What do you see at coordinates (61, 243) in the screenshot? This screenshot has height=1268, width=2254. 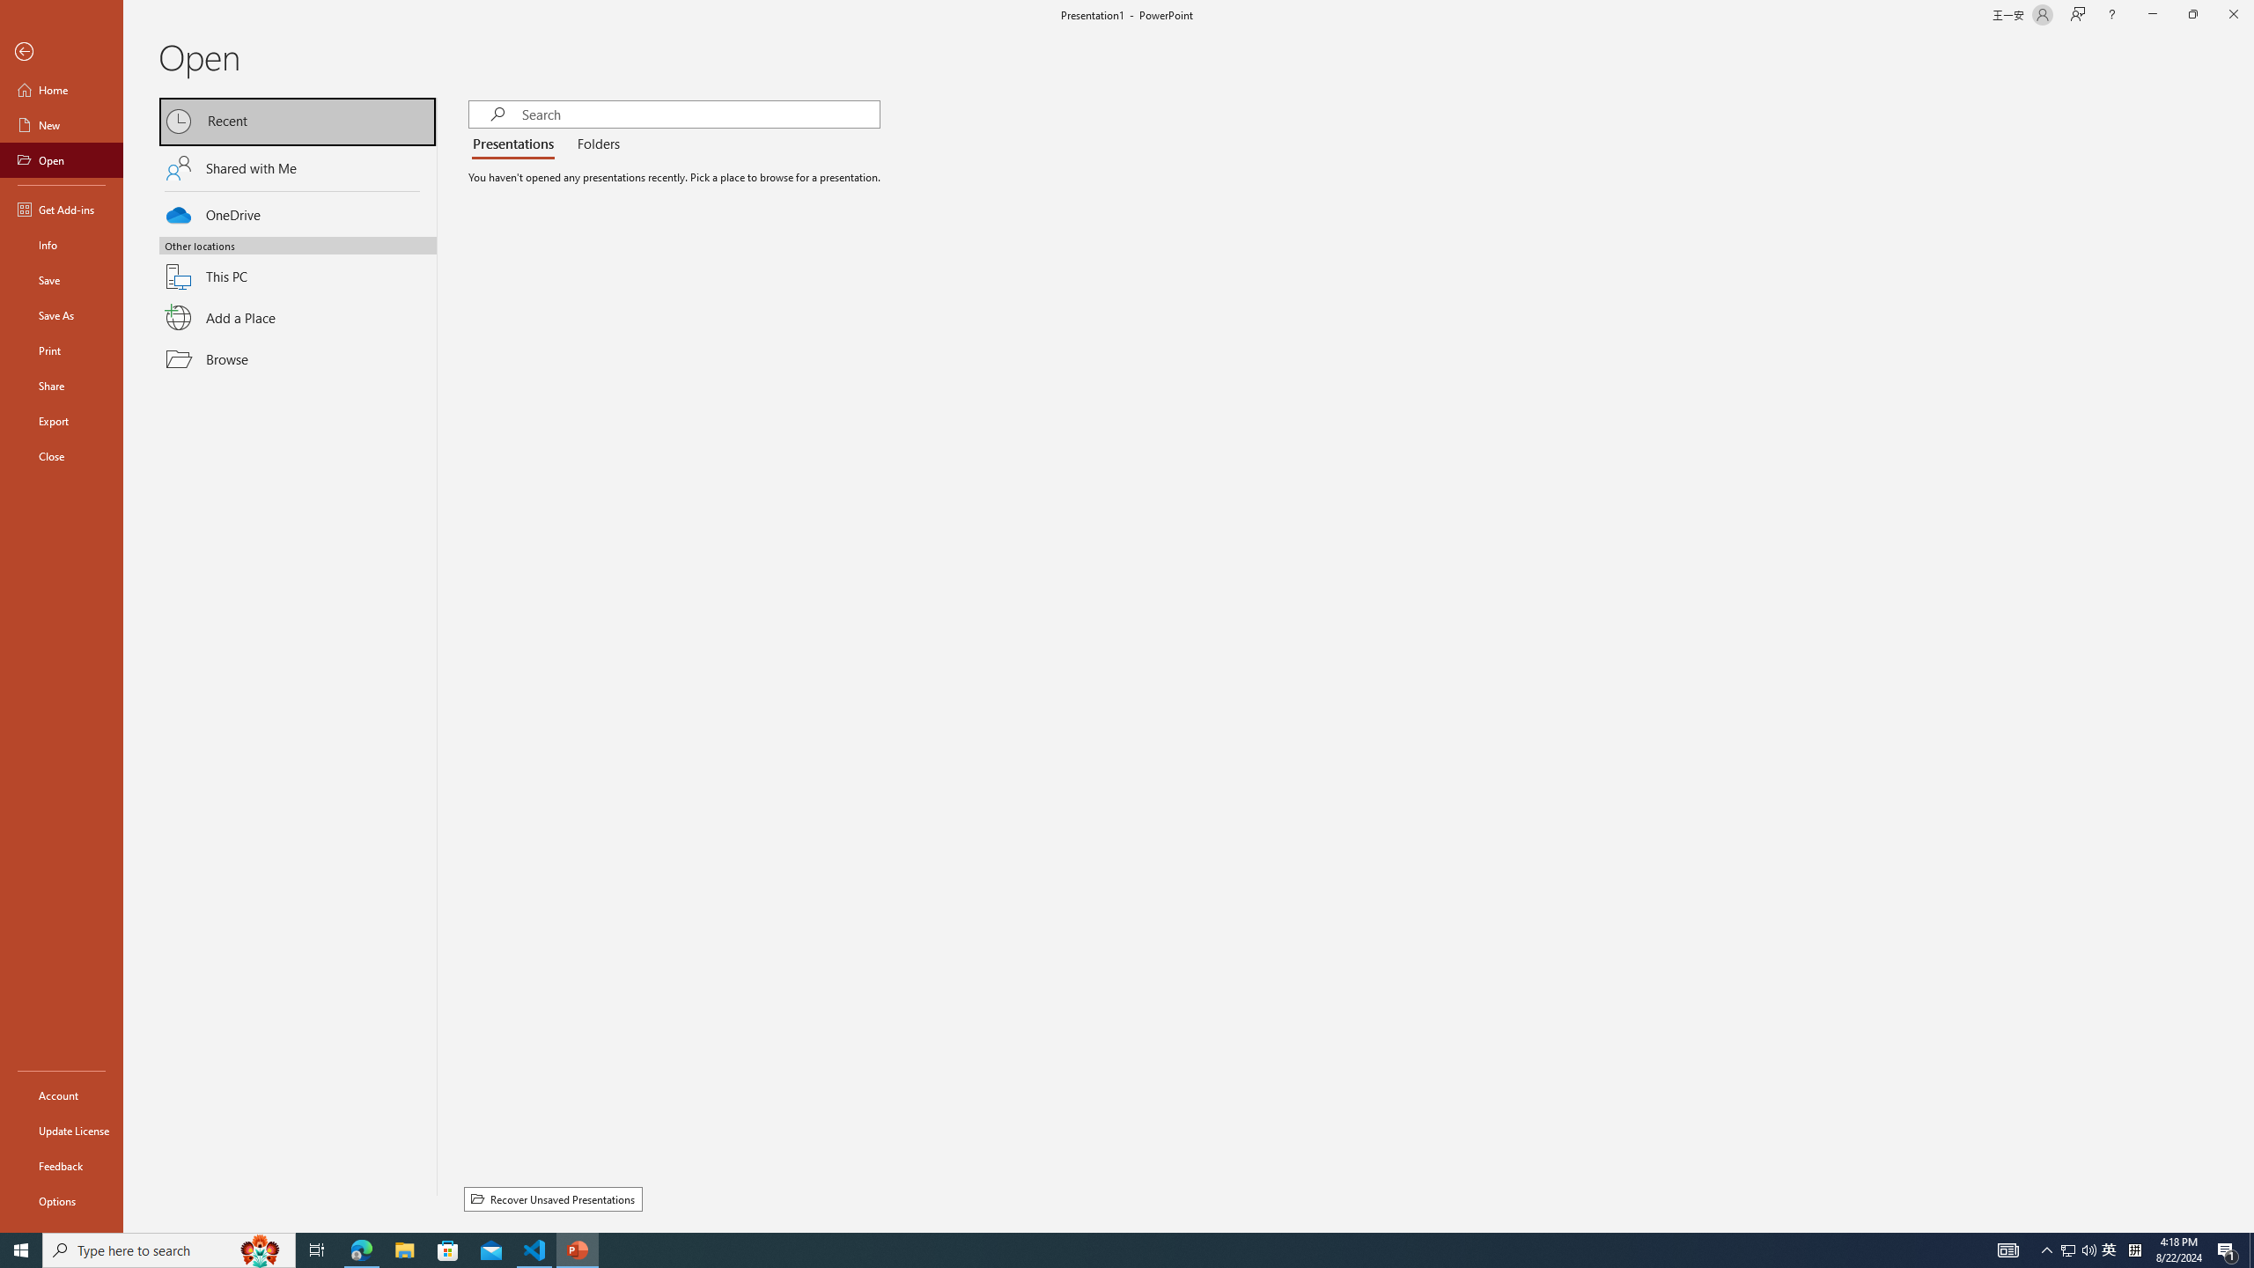 I see `'Info'` at bounding box center [61, 243].